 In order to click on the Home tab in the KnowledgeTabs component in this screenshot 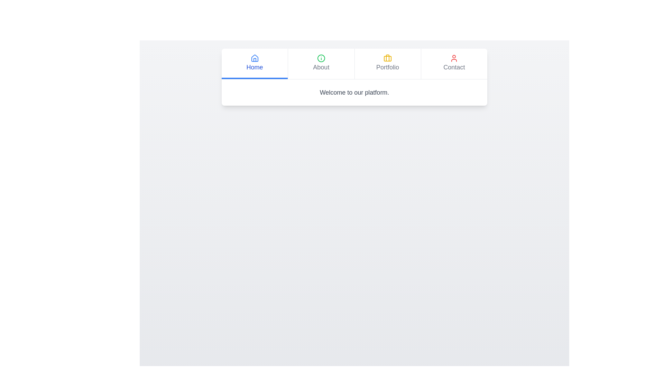, I will do `click(254, 64)`.